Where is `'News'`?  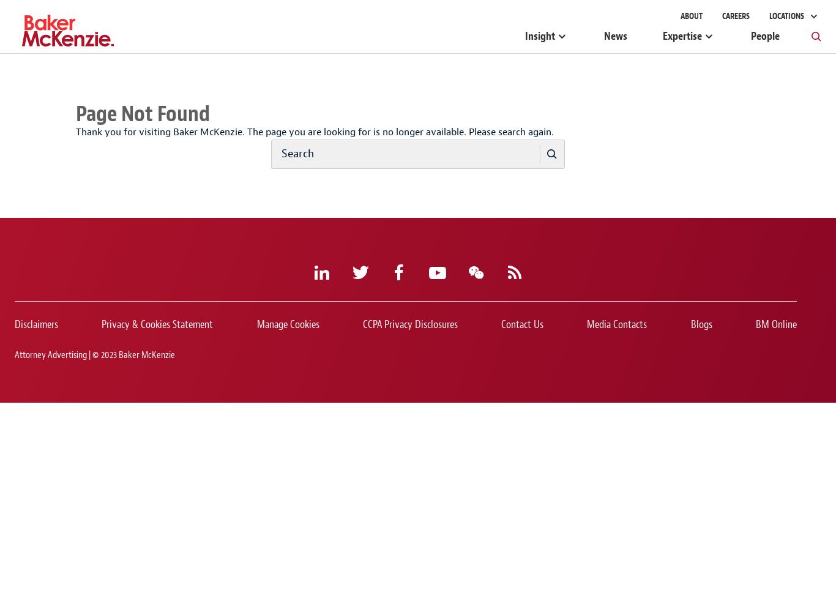 'News' is located at coordinates (616, 36).